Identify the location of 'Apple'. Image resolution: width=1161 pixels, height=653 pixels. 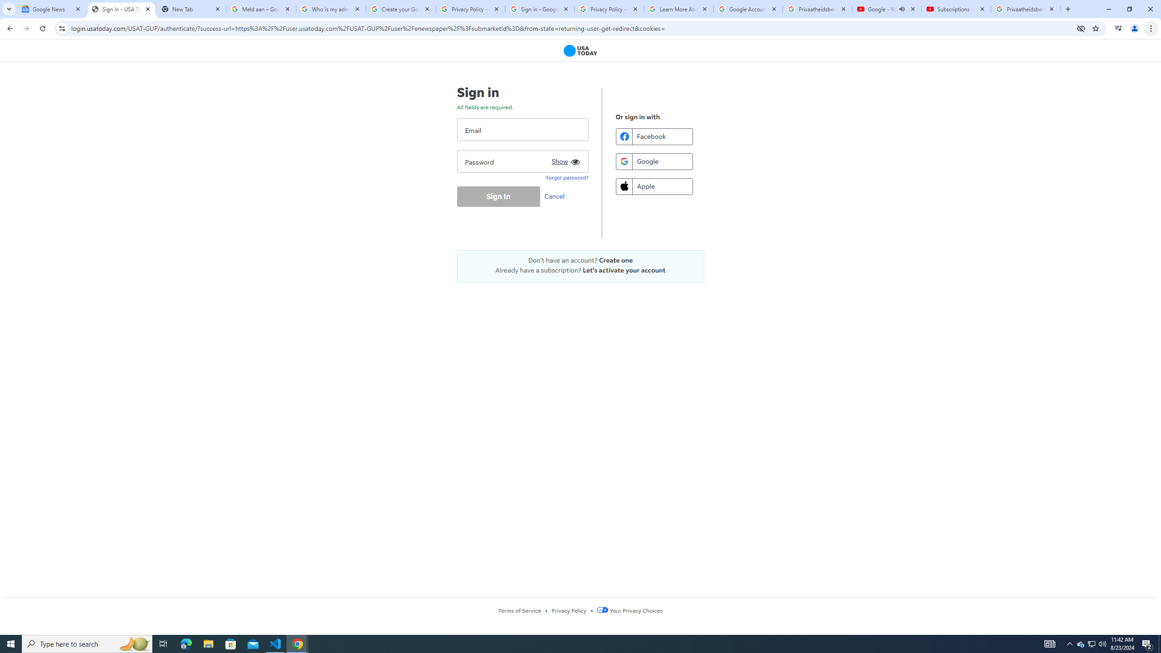
(654, 186).